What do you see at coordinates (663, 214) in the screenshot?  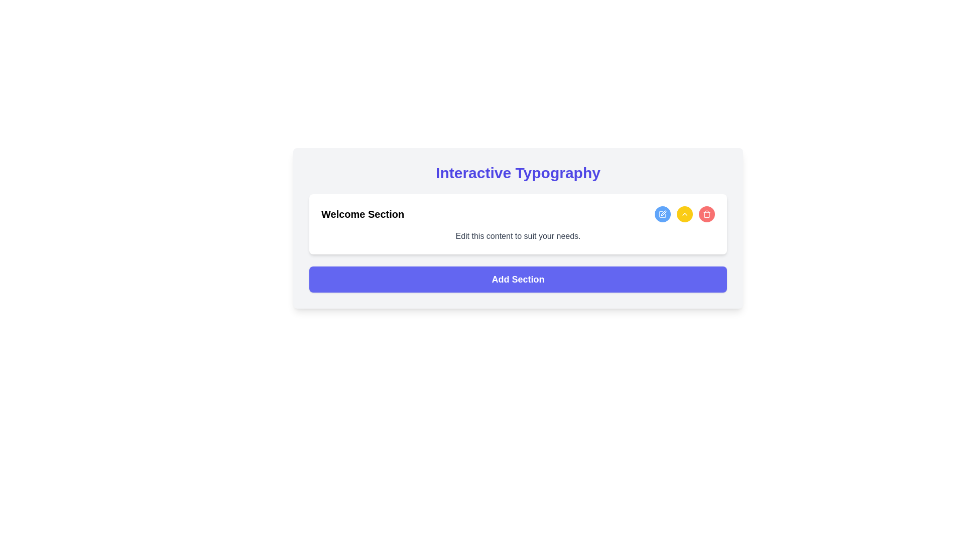 I see `the leftmost icon in the horizontal cluster of three icons located at the top-right corner of the 'Welcome Section' content card` at bounding box center [663, 214].